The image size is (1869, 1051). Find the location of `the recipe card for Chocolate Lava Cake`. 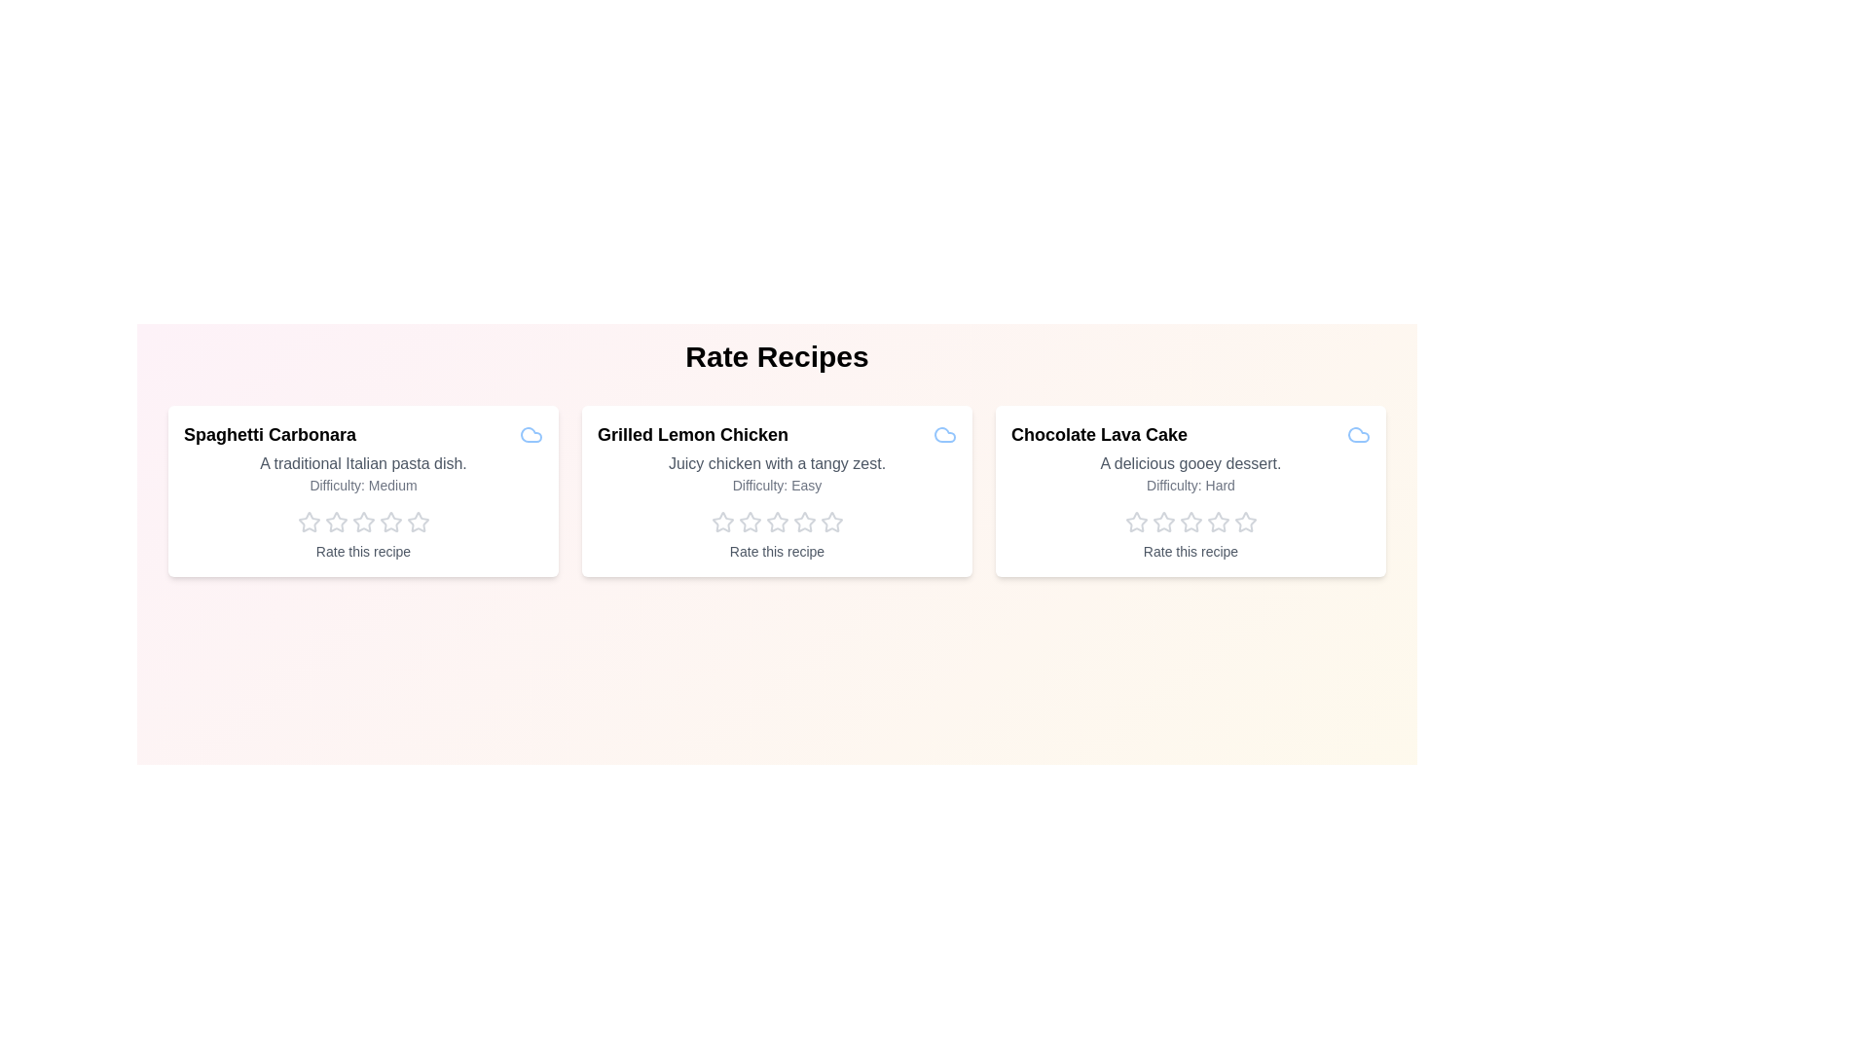

the recipe card for Chocolate Lava Cake is located at coordinates (1190, 490).